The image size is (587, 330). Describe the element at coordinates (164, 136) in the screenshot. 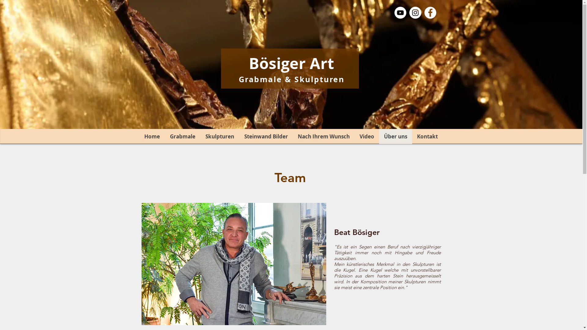

I see `'Grabmale'` at that location.